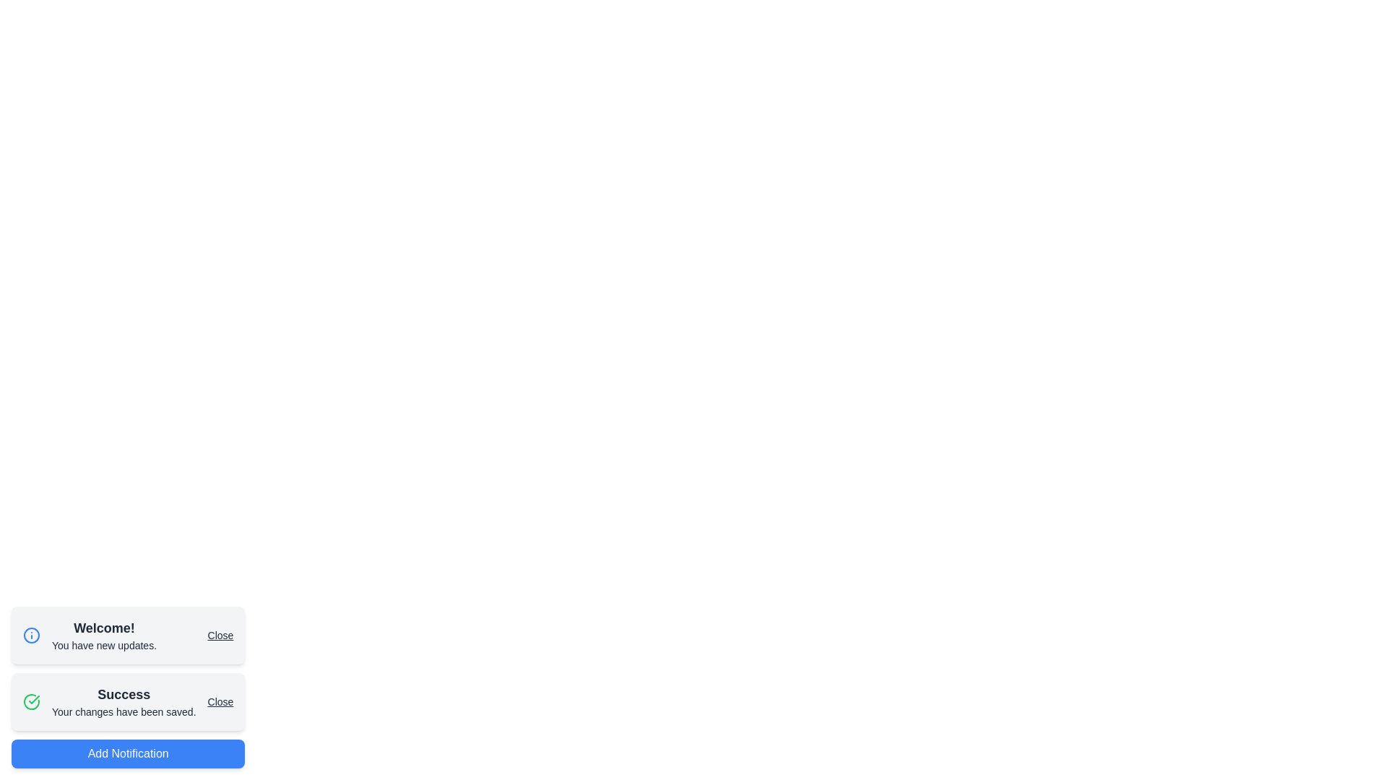  I want to click on the success icon that indicates a completed action, located to the left of the text 'Success Your changes have been saved.' in the notification area, so click(31, 701).